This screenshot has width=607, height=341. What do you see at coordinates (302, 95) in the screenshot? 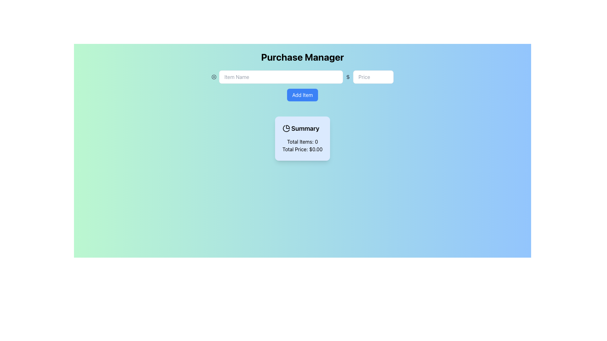
I see `the 'Add Item' button located below the 'Item Name' and 'Price' input fields in the 'Purchase Manager' interface` at bounding box center [302, 95].